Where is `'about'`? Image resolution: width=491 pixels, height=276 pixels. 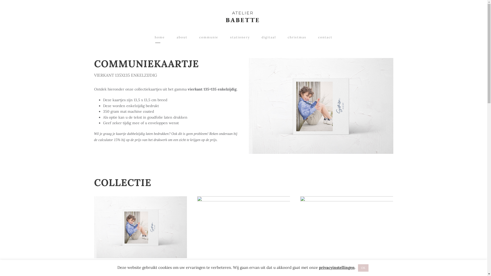 'about' is located at coordinates (182, 38).